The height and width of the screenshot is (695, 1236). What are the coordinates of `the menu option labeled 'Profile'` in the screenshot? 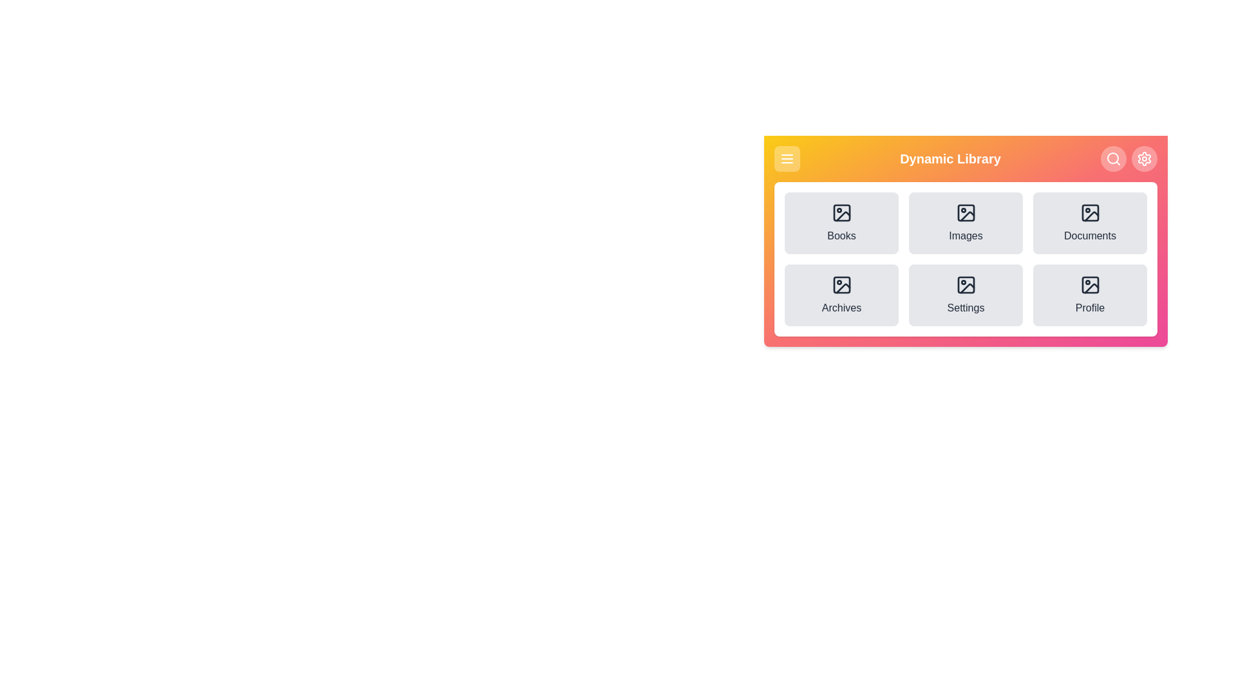 It's located at (1089, 295).